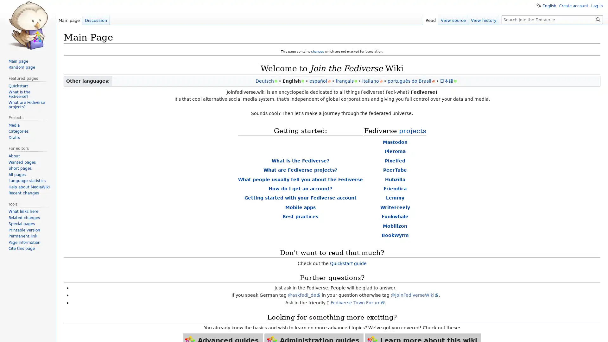 Image resolution: width=608 pixels, height=342 pixels. Describe the element at coordinates (598, 19) in the screenshot. I see `Go` at that location.